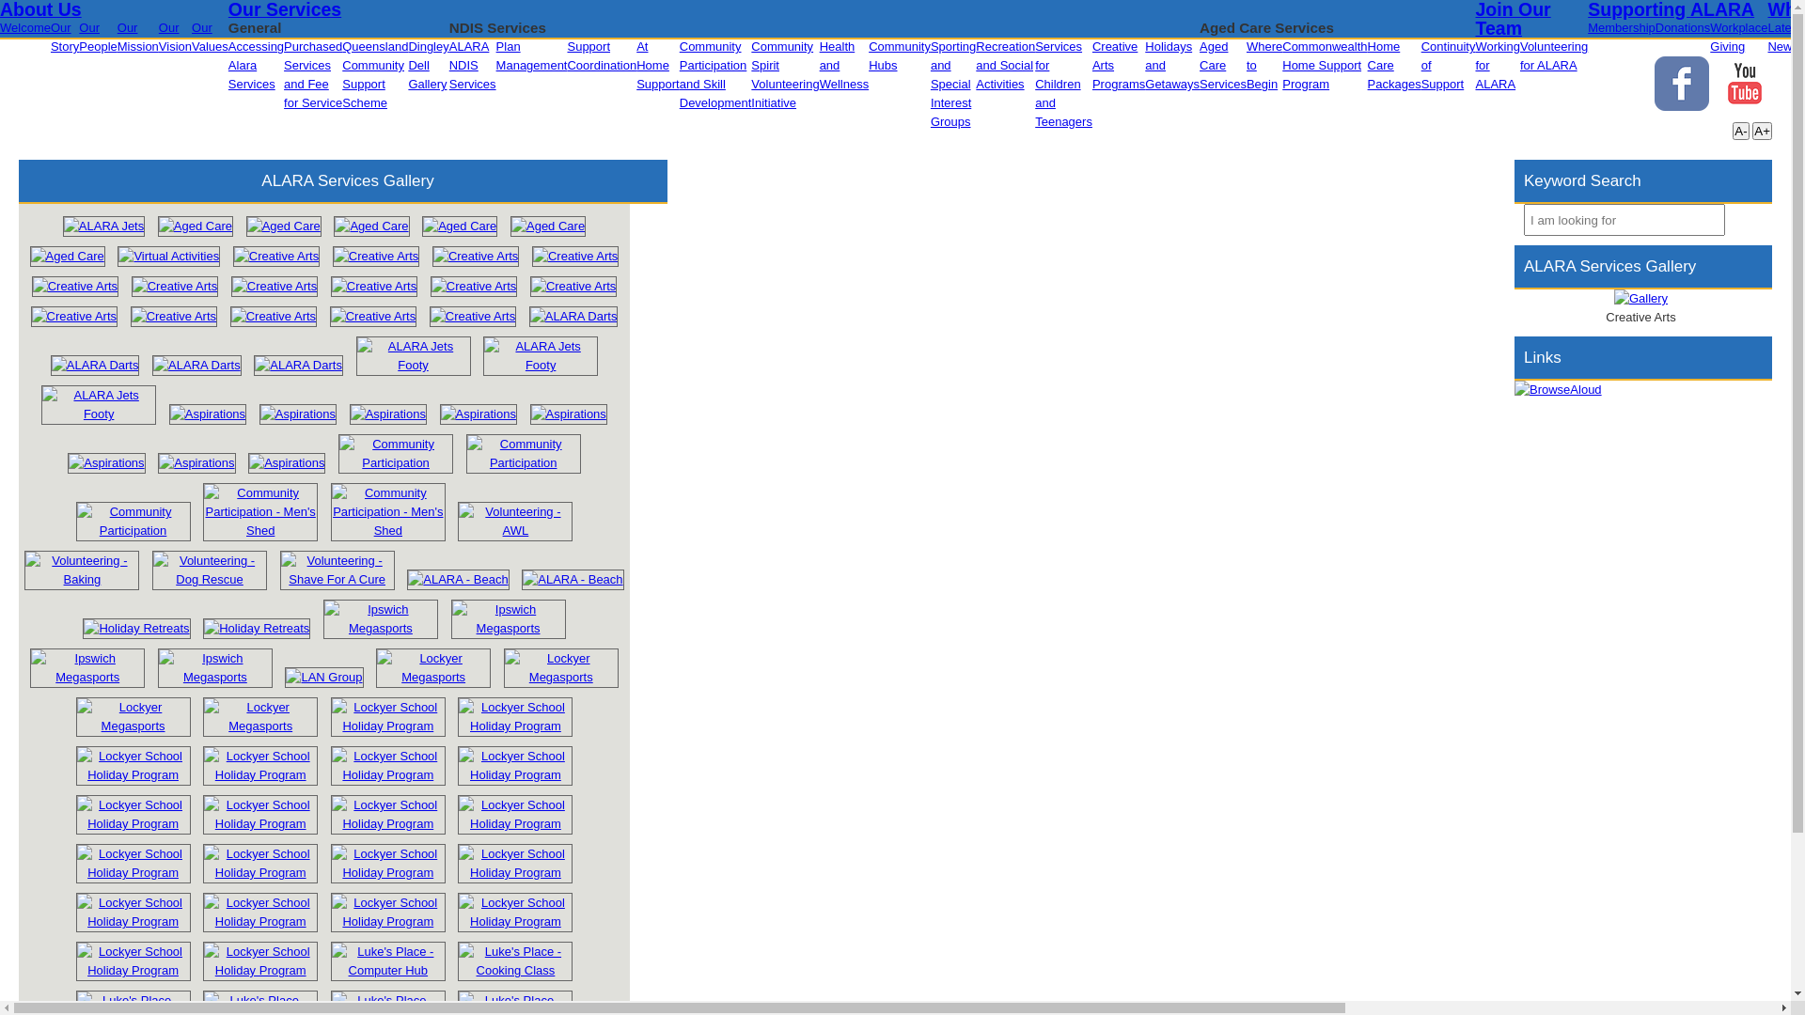 This screenshot has width=1805, height=1015. I want to click on 'Volunteering - AWL', so click(457, 522).